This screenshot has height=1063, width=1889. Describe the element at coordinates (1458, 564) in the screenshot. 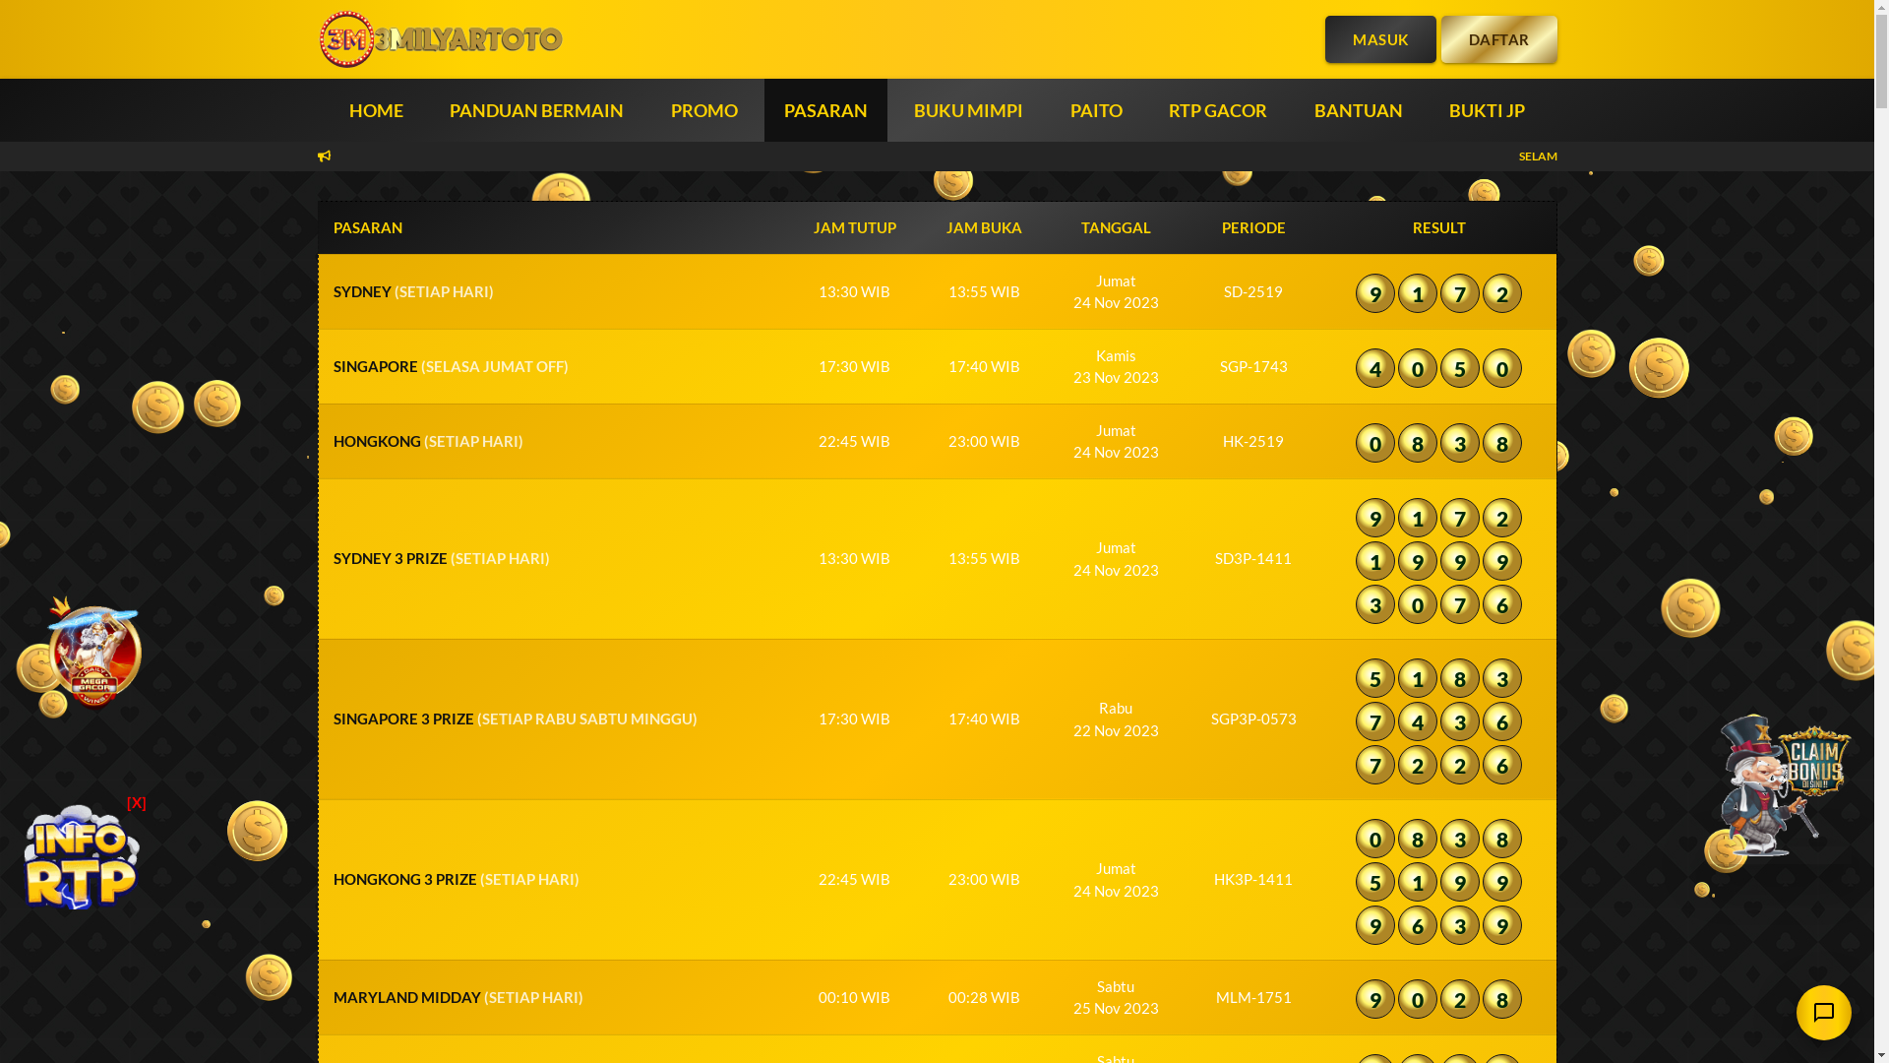

I see `'9 1 7 2` at that location.